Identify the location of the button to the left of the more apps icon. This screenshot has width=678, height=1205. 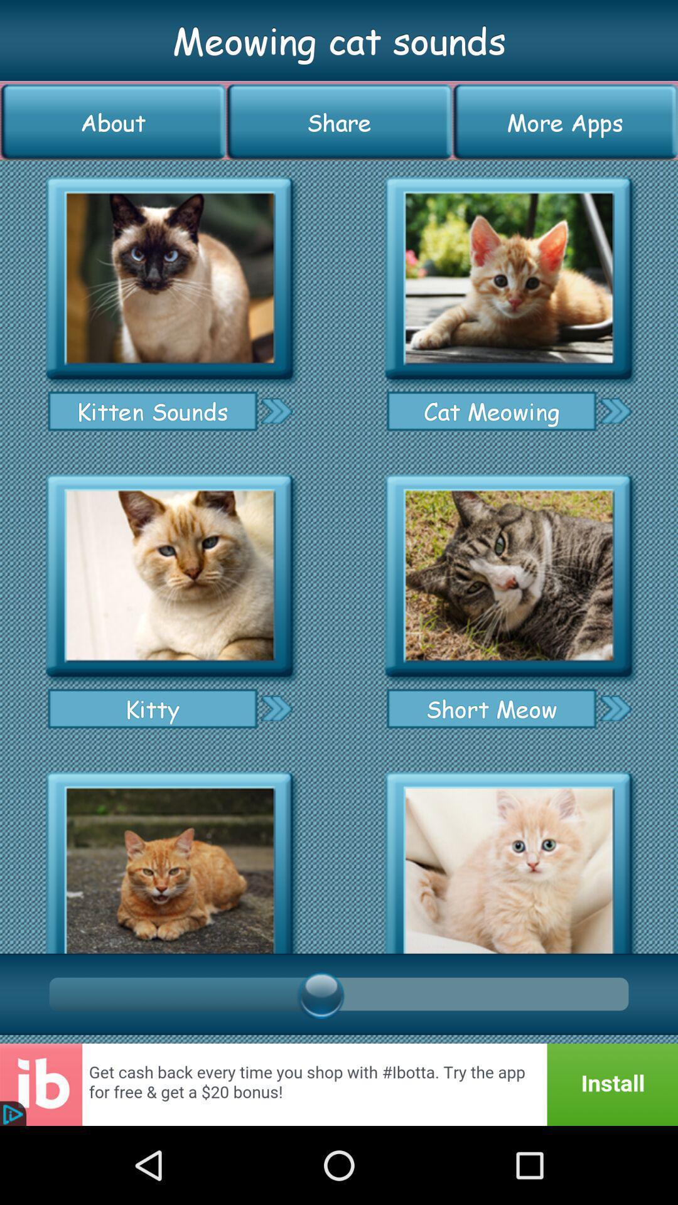
(339, 122).